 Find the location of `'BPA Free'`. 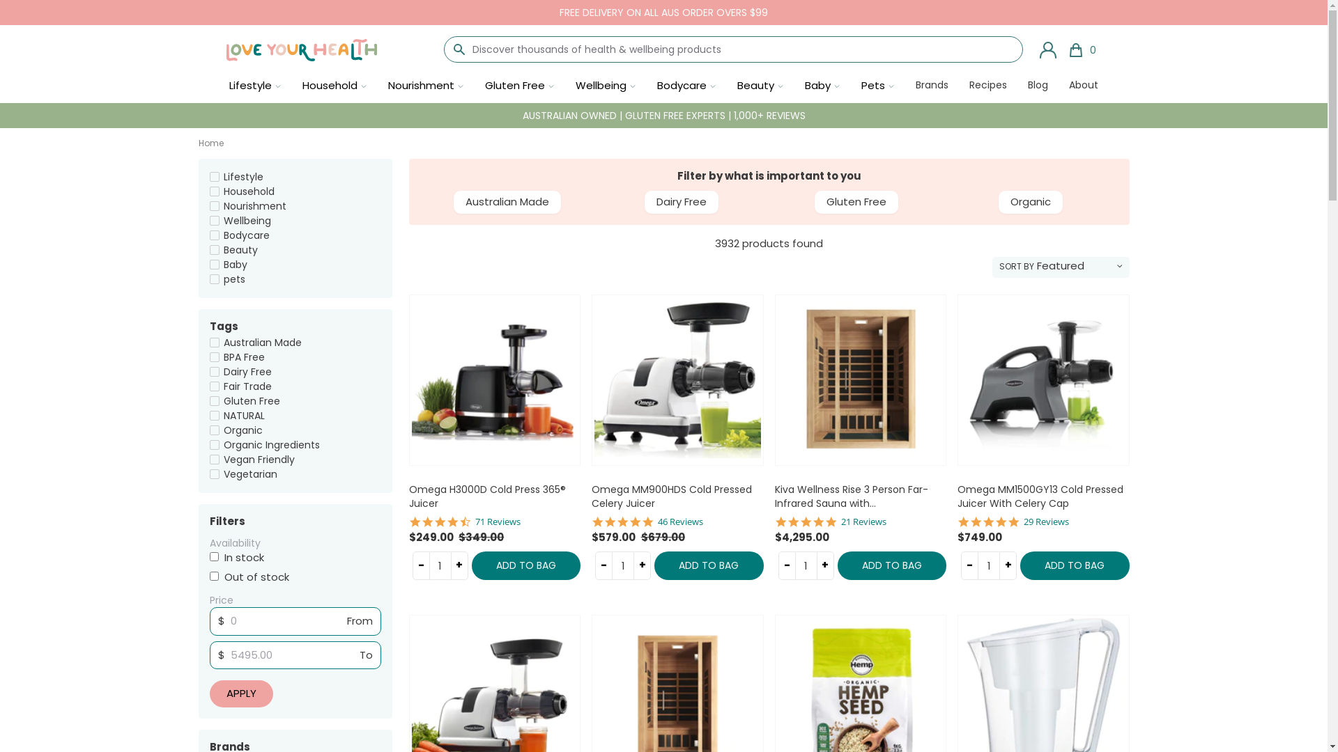

'BPA Free' is located at coordinates (224, 357).